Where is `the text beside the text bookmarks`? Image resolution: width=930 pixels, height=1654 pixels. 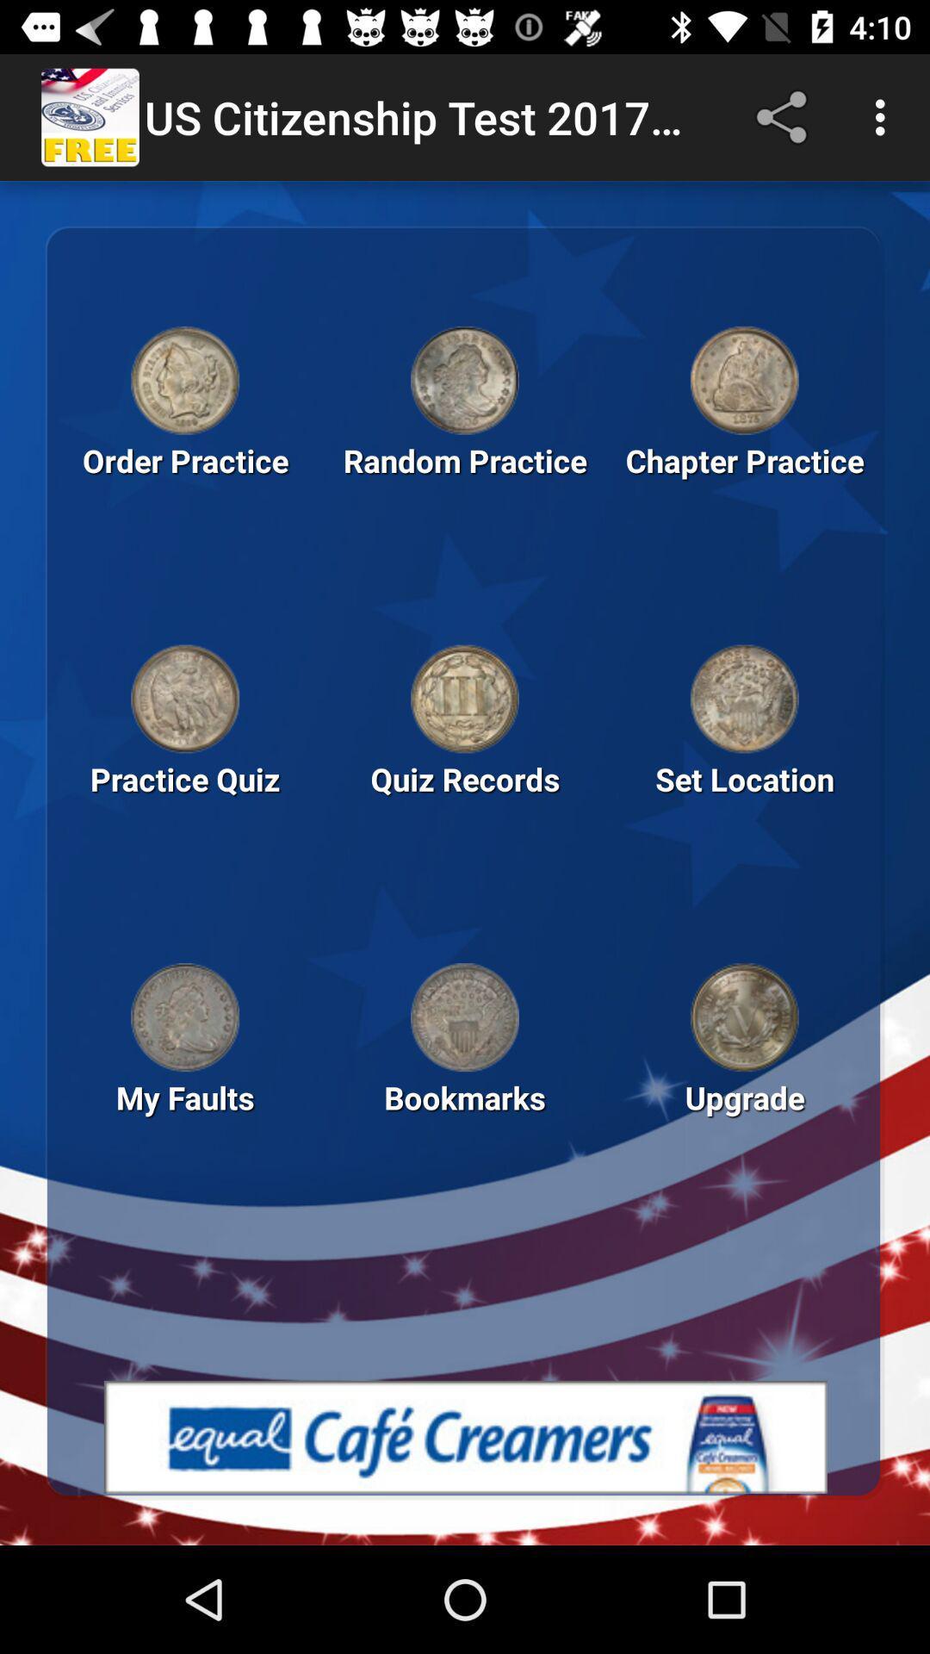
the text beside the text bookmarks is located at coordinates (743, 1127).